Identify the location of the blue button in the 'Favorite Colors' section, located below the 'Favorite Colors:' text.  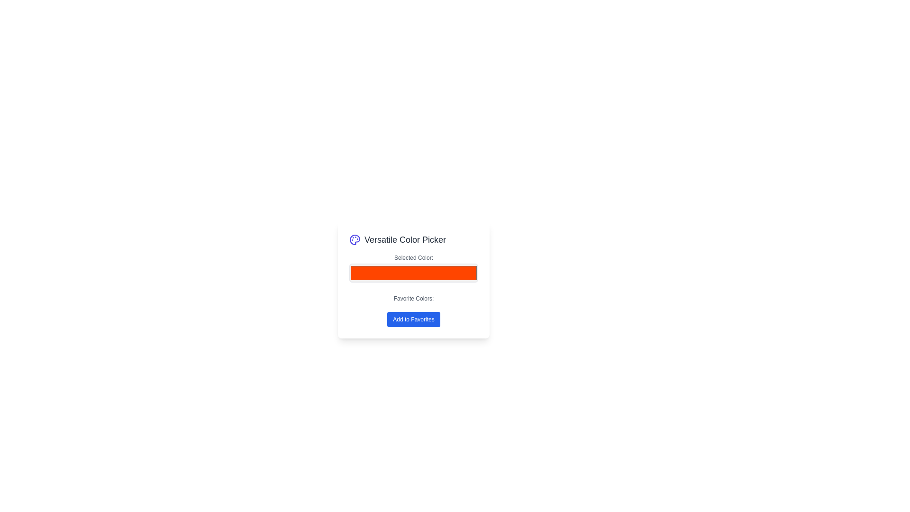
(414, 311).